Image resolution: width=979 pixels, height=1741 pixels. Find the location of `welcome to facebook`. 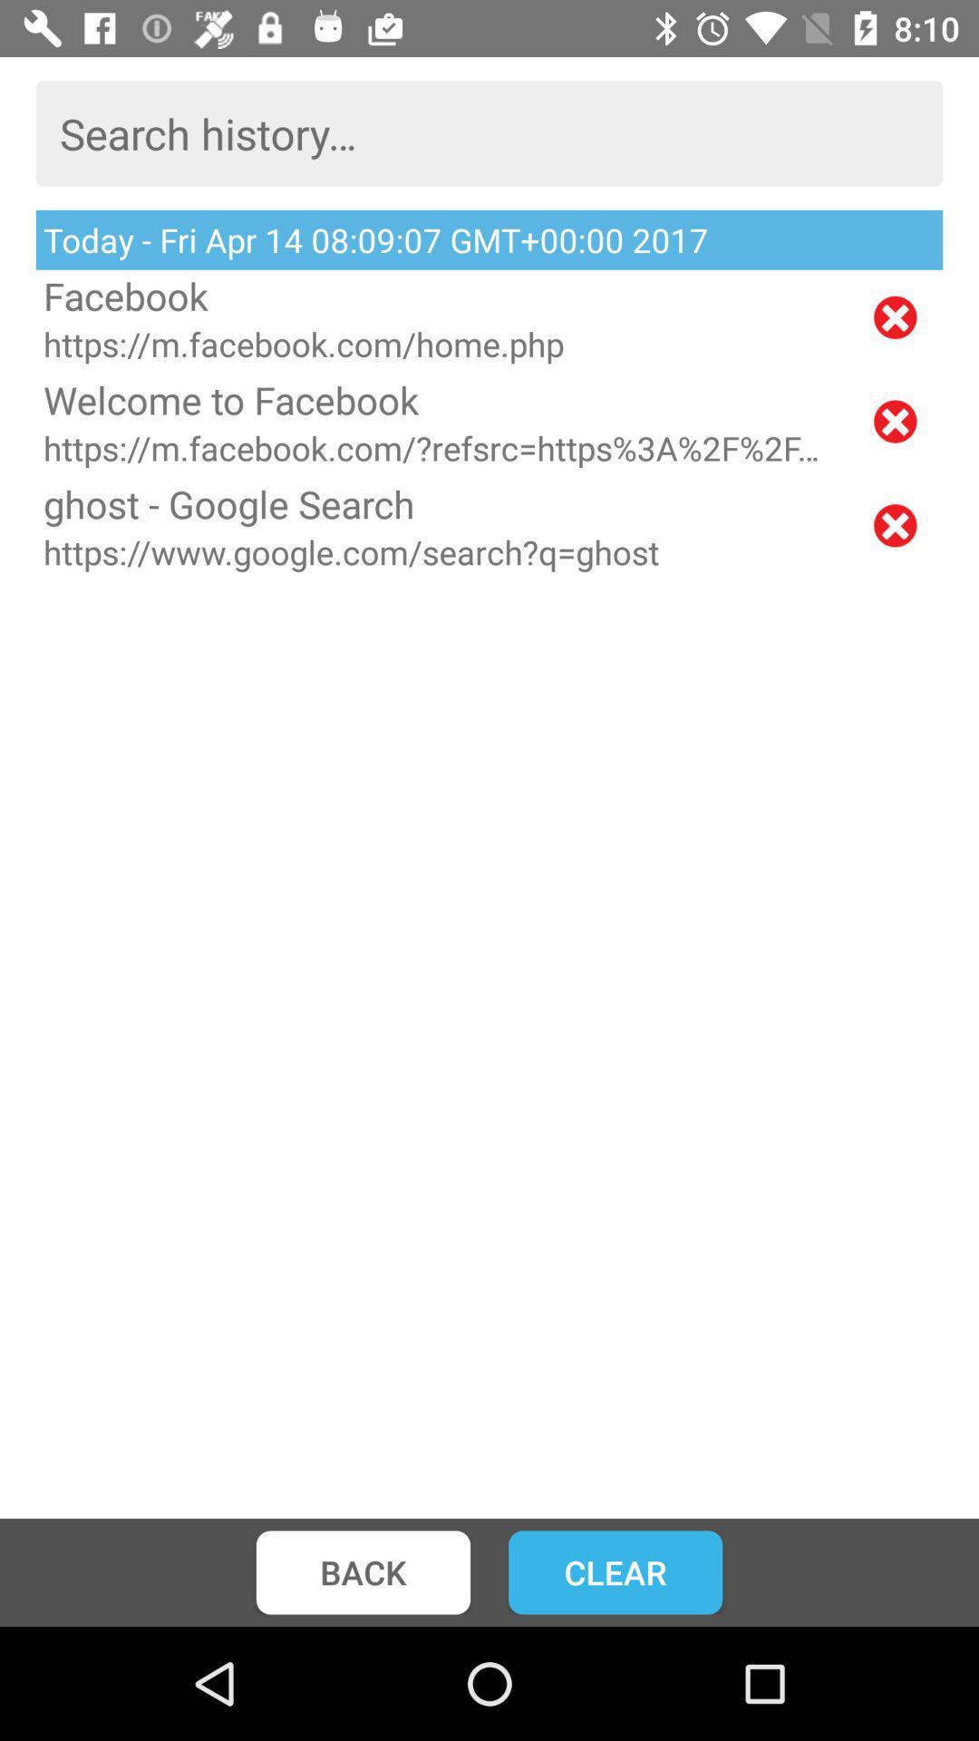

welcome to facebook is located at coordinates (441, 399).